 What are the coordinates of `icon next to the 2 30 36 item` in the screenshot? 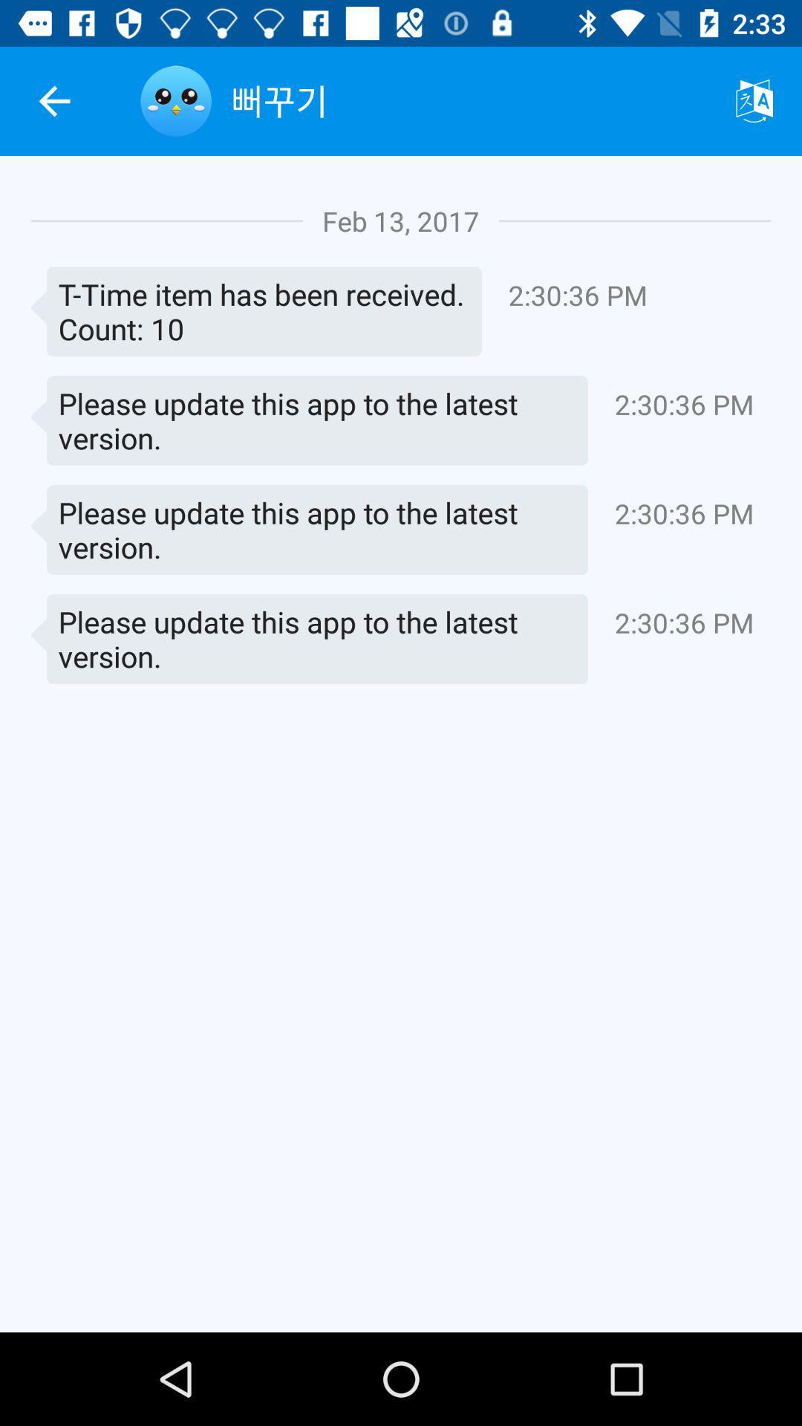 It's located at (255, 310).